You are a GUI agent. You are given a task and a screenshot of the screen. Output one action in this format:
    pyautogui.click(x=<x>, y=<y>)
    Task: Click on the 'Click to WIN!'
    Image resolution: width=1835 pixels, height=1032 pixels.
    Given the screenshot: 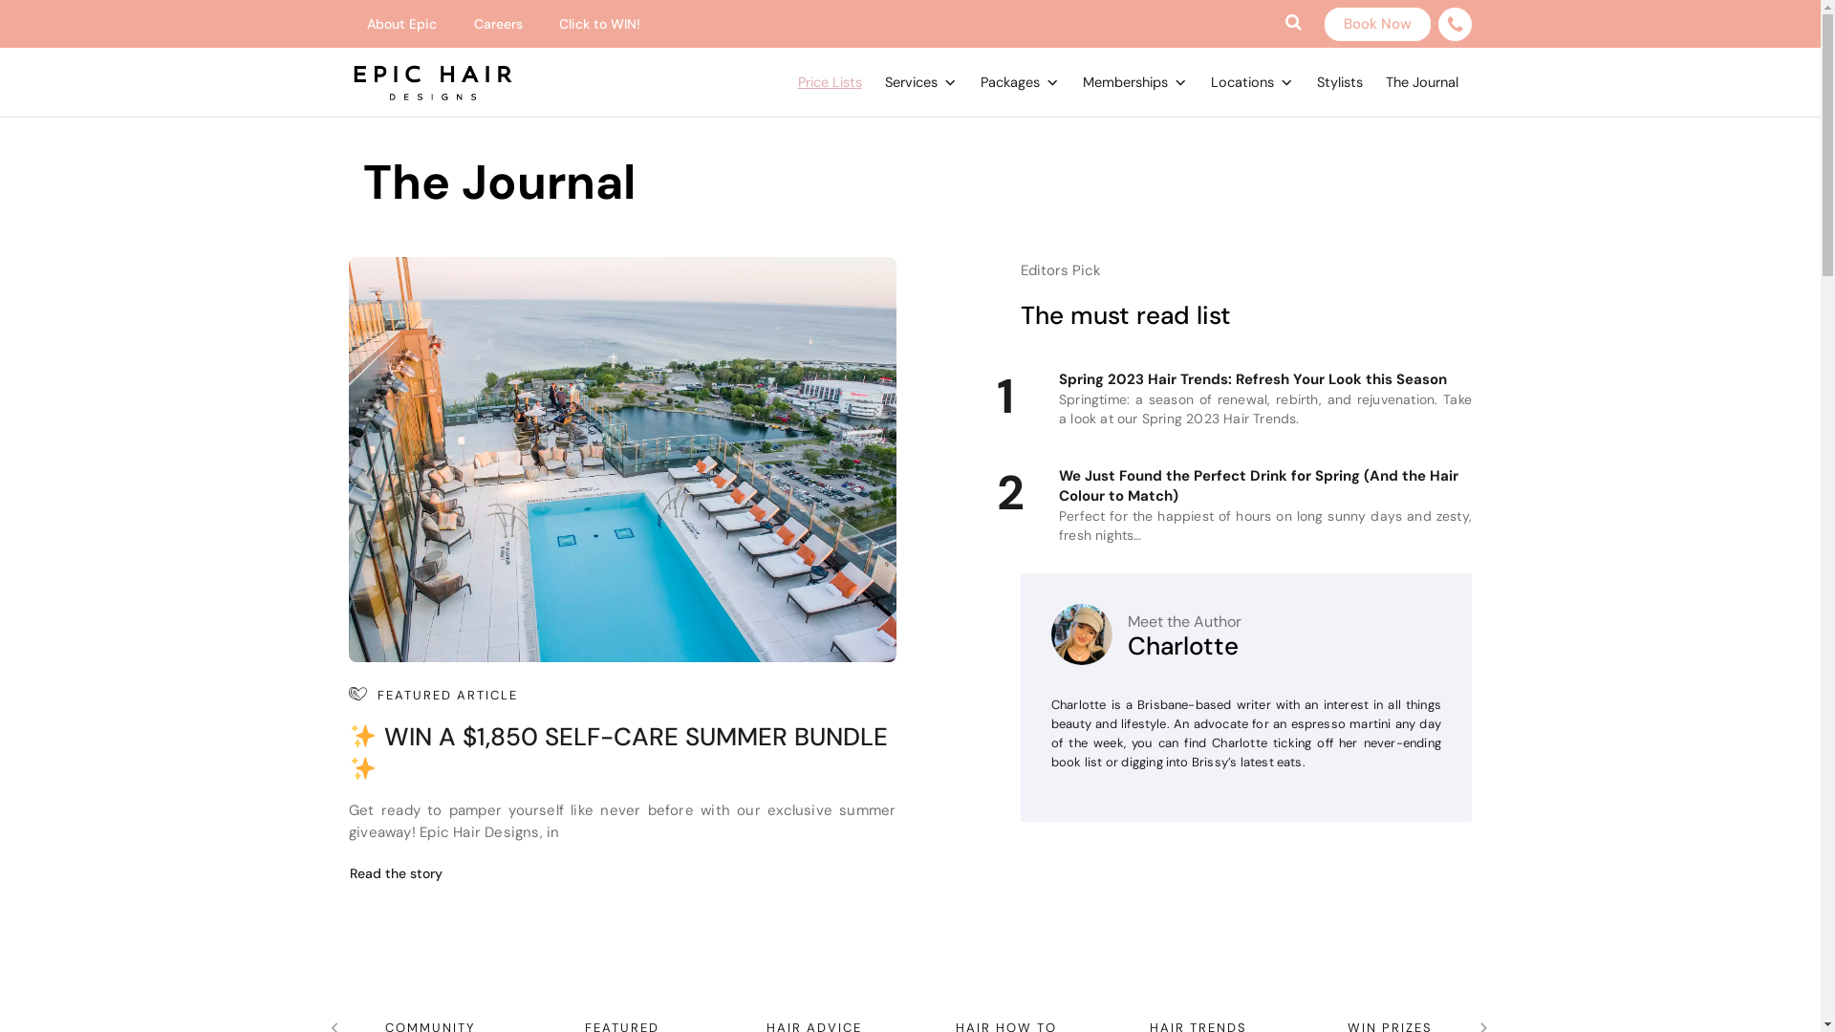 What is the action you would take?
    pyautogui.click(x=598, y=24)
    